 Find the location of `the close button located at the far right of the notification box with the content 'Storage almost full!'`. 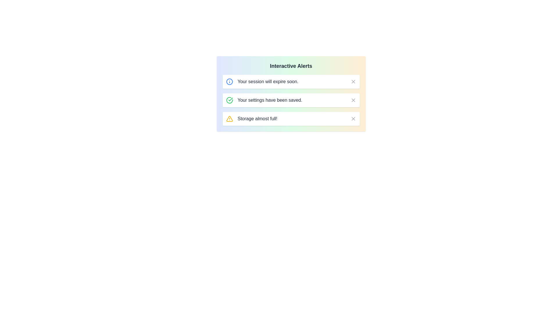

the close button located at the far right of the notification box with the content 'Storage almost full!' is located at coordinates (353, 118).